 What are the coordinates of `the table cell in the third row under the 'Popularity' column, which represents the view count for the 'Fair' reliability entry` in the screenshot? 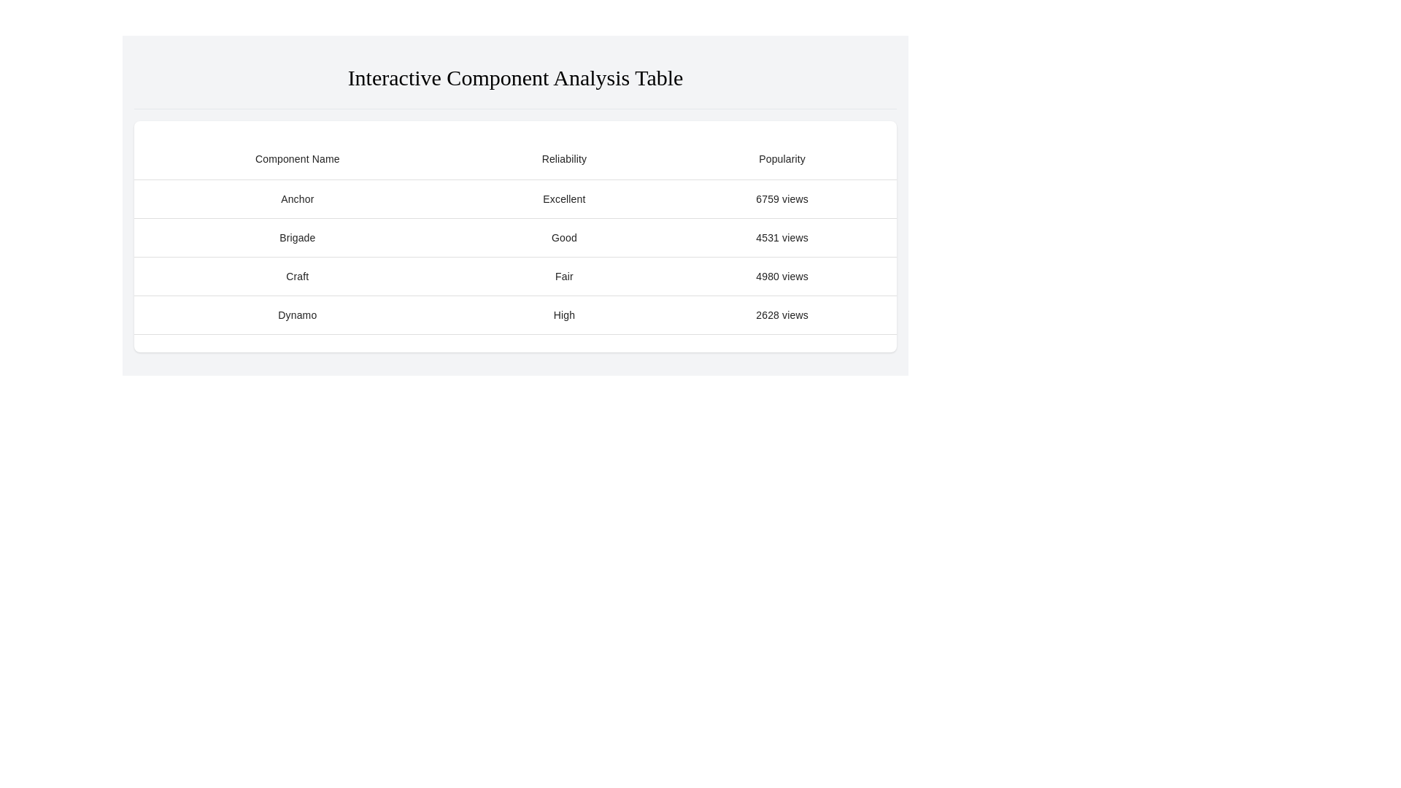 It's located at (781, 277).